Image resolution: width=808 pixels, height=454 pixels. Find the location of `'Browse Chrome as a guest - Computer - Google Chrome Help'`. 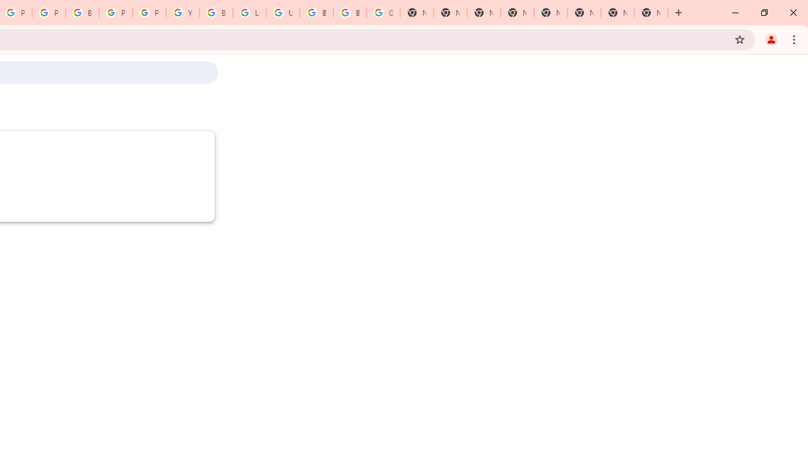

'Browse Chrome as a guest - Computer - Google Chrome Help' is located at coordinates (216, 13).